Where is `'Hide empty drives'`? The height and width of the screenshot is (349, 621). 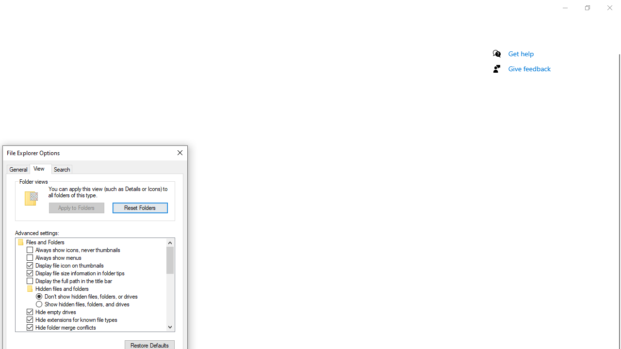 'Hide empty drives' is located at coordinates (55, 312).